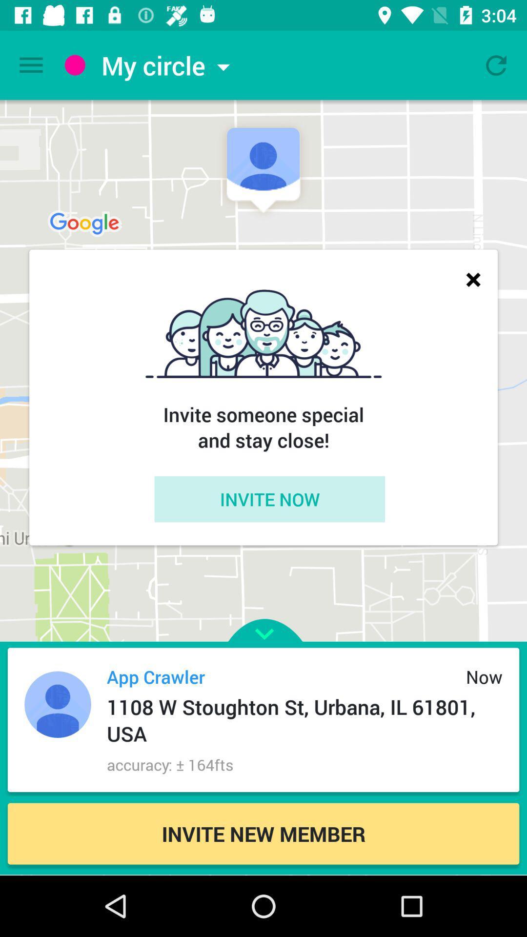  What do you see at coordinates (496, 64) in the screenshot?
I see `refresh` at bounding box center [496, 64].